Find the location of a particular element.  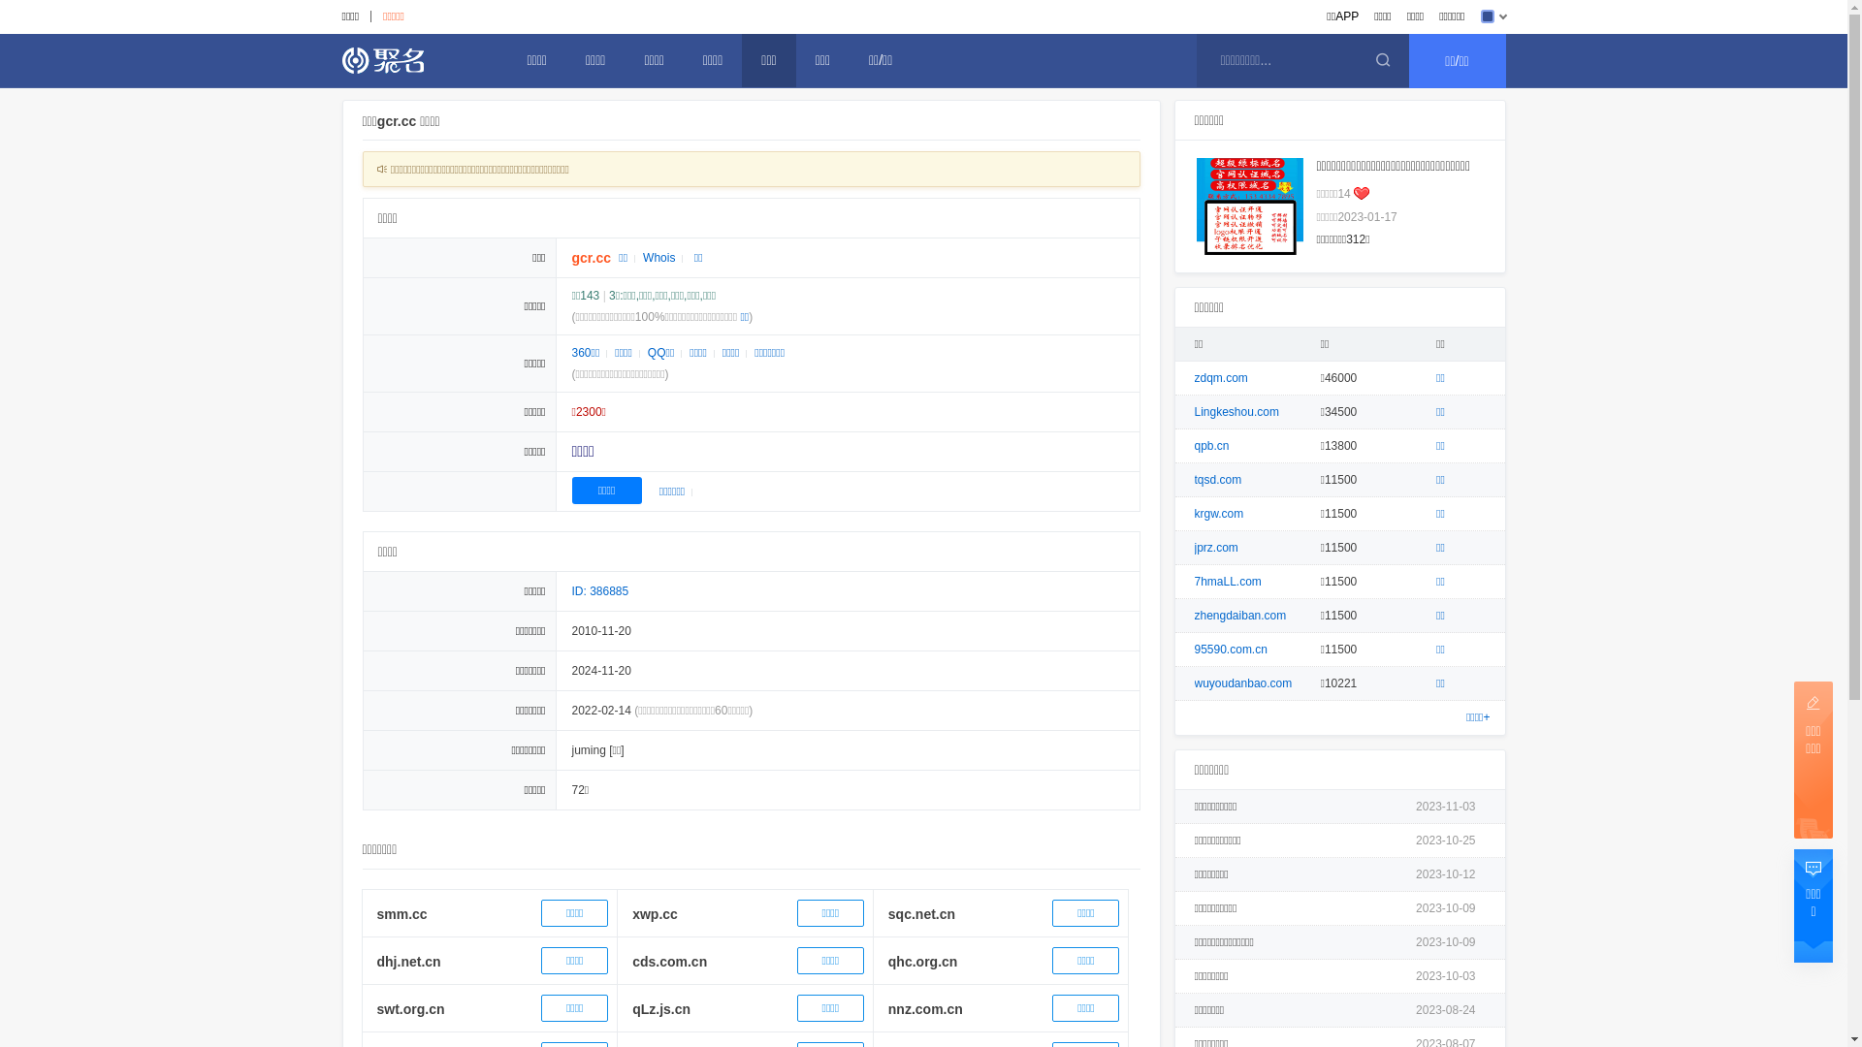

'jprz.com' is located at coordinates (1215, 547).